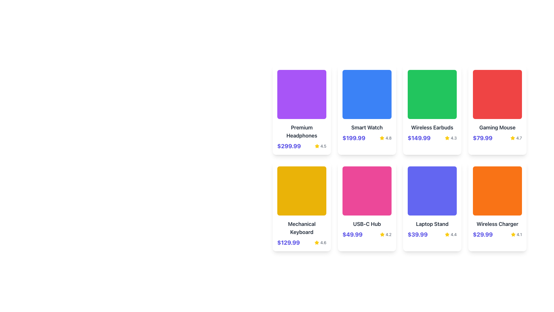  I want to click on the 'Gaming Mouse' text label located in the fourth card of the top row, so click(497, 127).